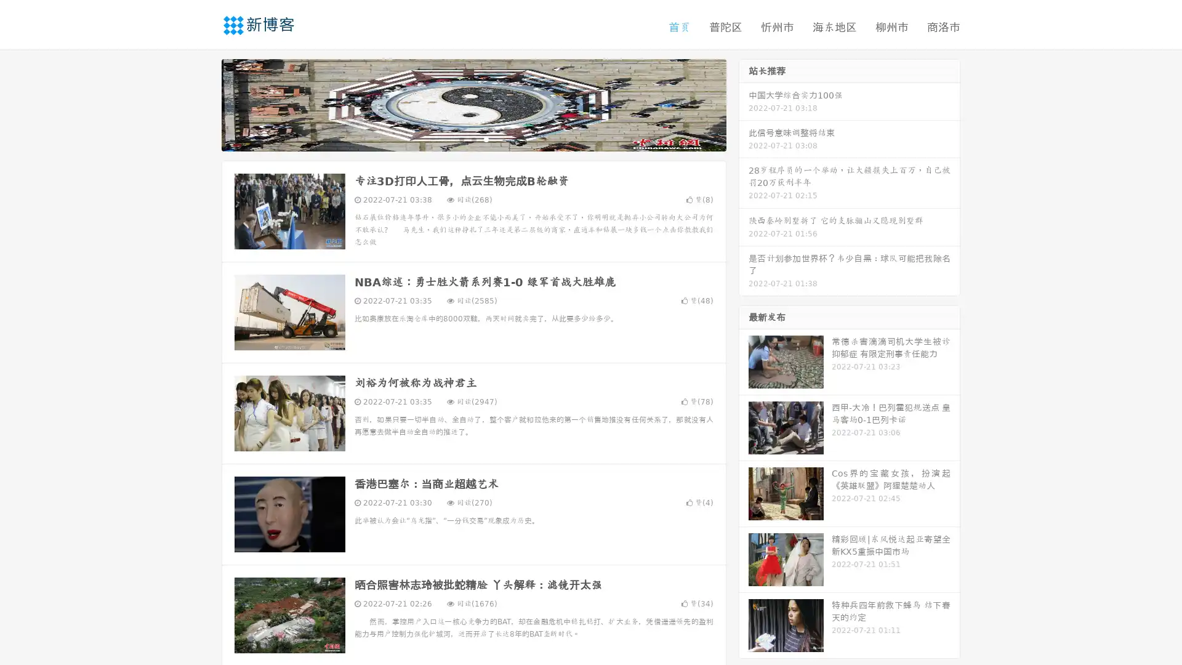 This screenshot has width=1182, height=665. I want to click on Next slide, so click(744, 103).